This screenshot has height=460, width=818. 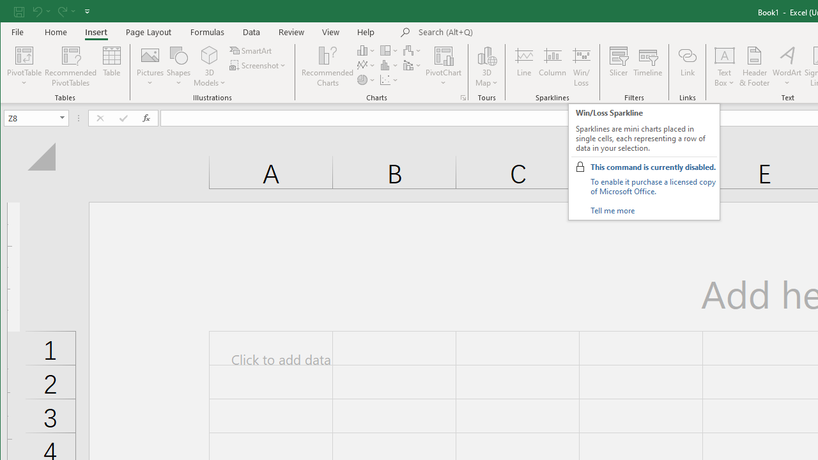 What do you see at coordinates (210, 66) in the screenshot?
I see `'3D Models'` at bounding box center [210, 66].